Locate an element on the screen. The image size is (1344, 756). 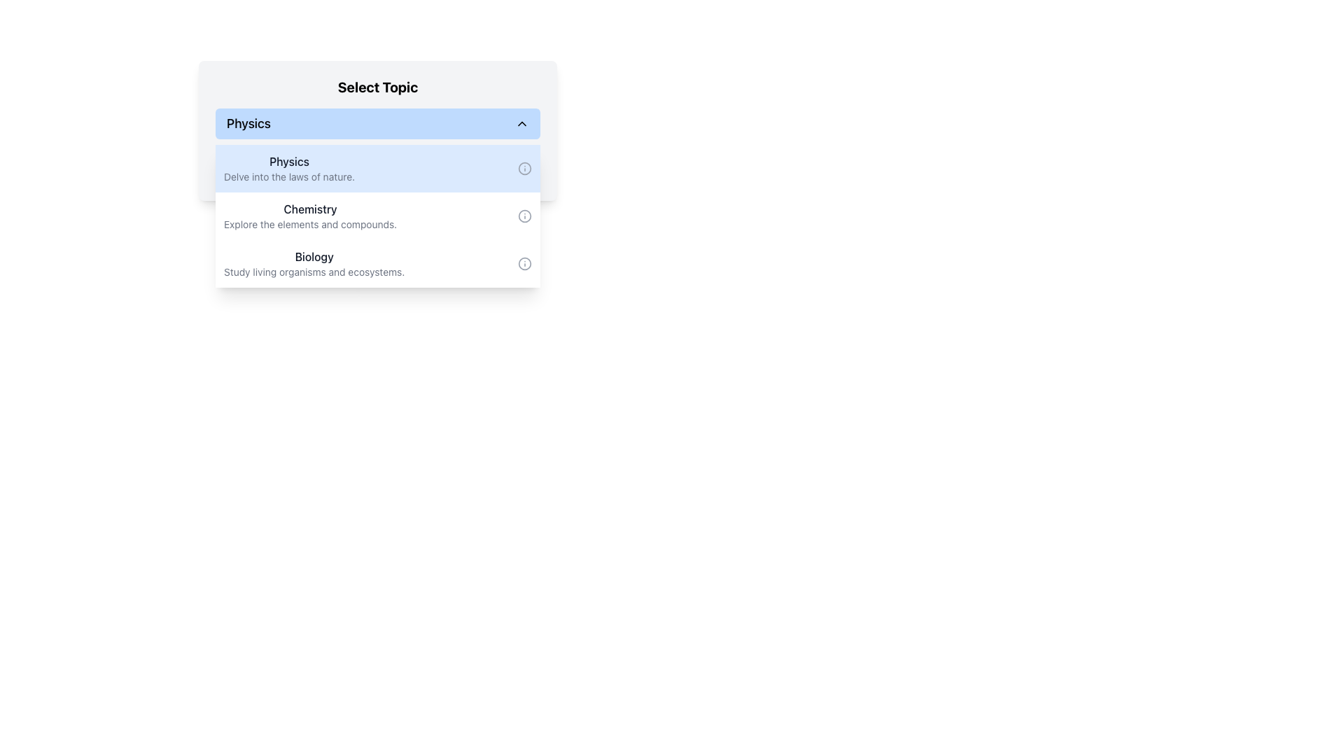
the Text Label indicating the 'Chemistry' topic, which is centrally located and positioned above 'Biology' and below 'Physics' is located at coordinates (309, 209).